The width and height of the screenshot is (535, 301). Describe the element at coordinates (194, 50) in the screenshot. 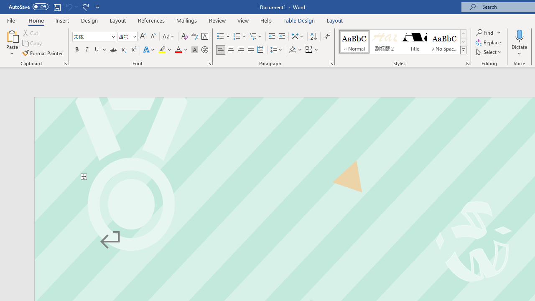

I see `'Character Shading'` at that location.